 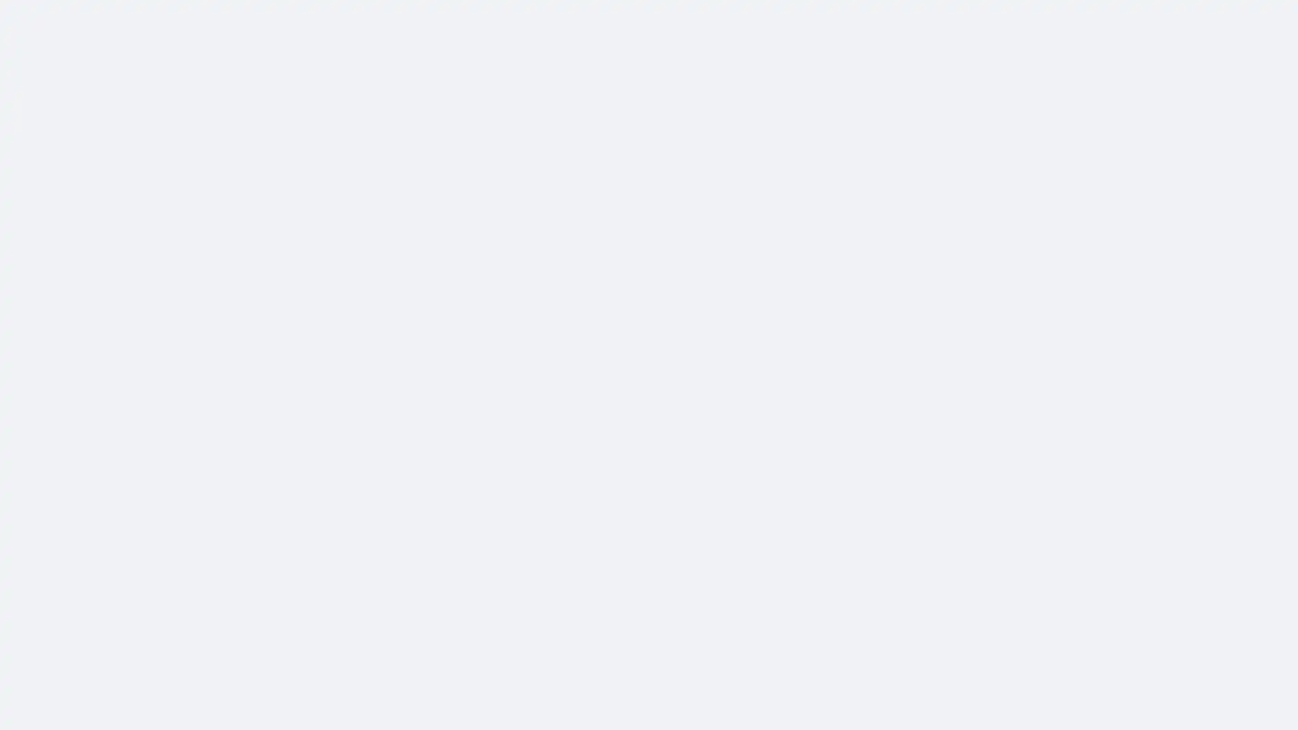 I want to click on Comment, so click(x=775, y=354).